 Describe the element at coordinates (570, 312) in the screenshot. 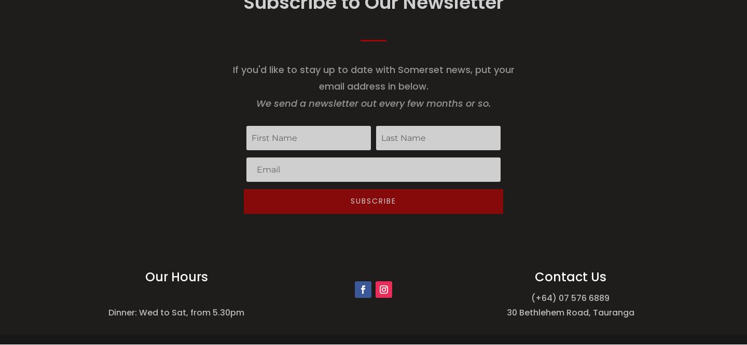

I see `'30 Bethlehem Road, Tauranga'` at that location.